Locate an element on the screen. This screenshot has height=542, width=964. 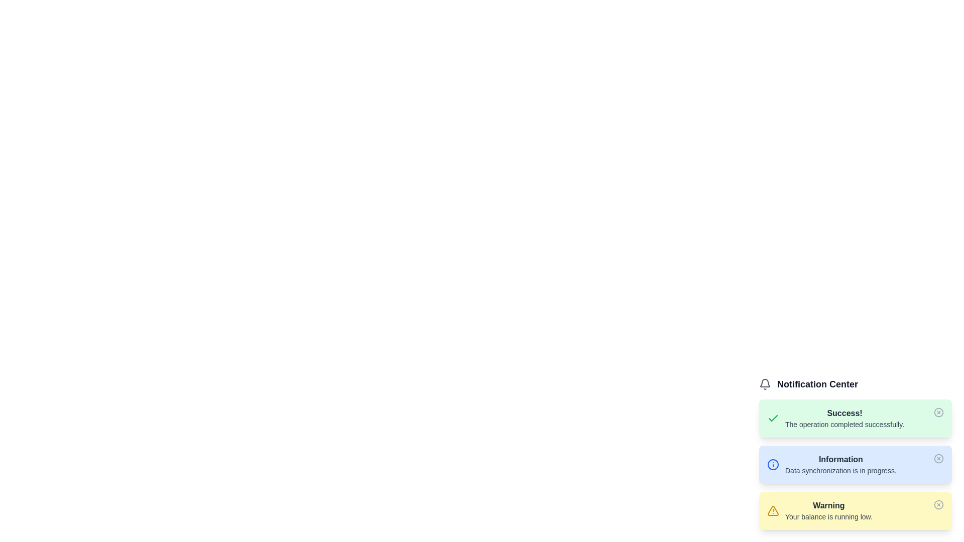
the text label displaying 'Your balance is running low.' located under the 'Warning' header in the yellow notification card is located at coordinates (828, 516).